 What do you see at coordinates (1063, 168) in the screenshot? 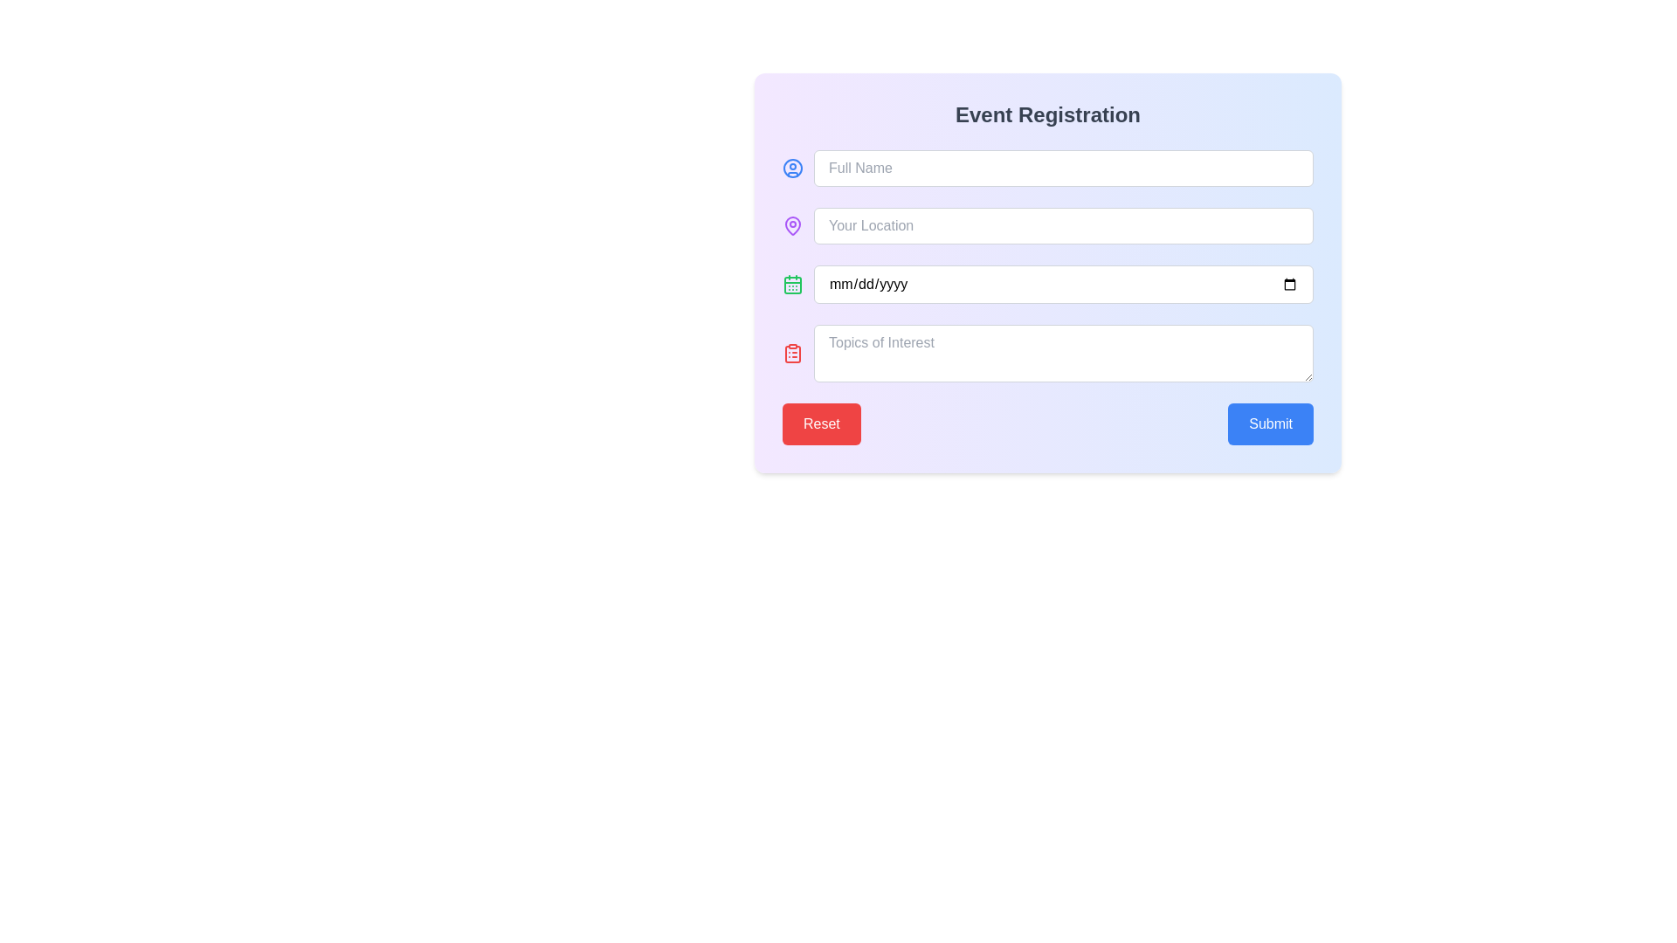
I see `the Text input field for full names in the Event Registration form using the Tab key` at bounding box center [1063, 168].